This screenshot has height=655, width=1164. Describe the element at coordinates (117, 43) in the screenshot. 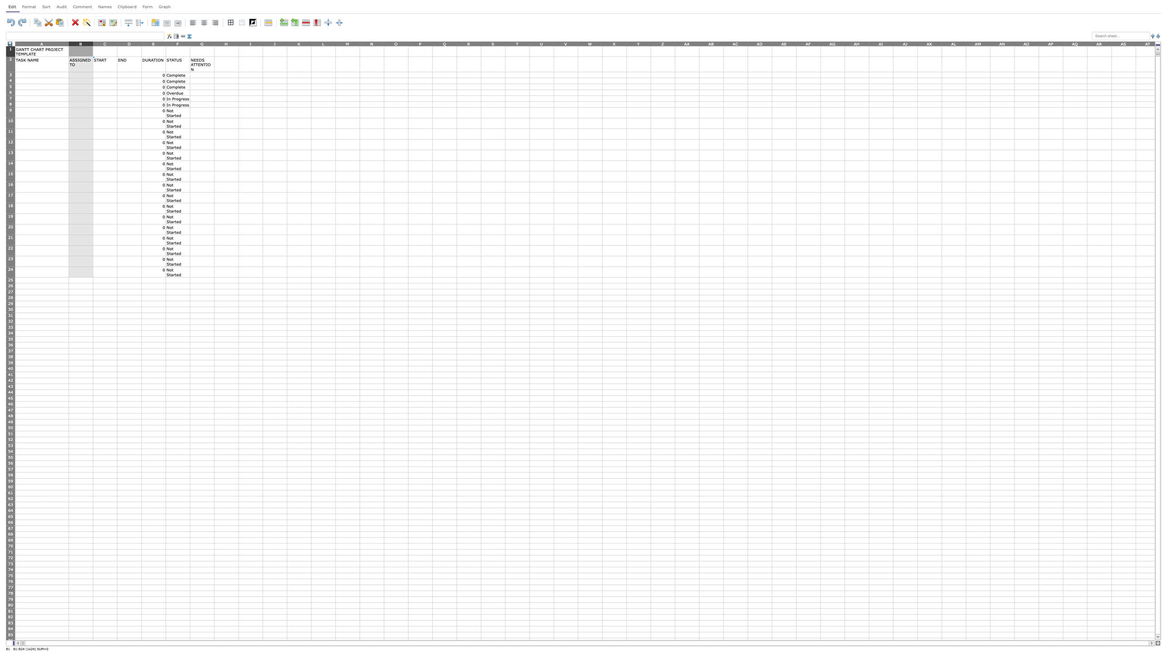

I see `the resize handle of column C` at that location.